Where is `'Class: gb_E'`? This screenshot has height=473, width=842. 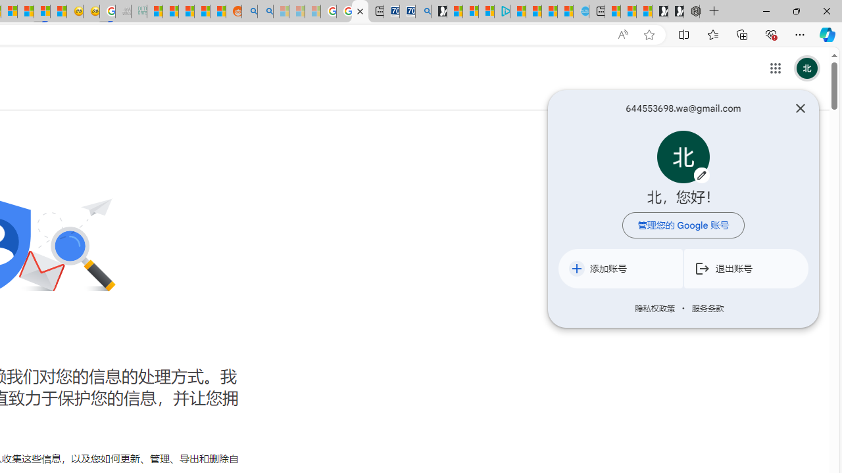 'Class: gb_E' is located at coordinates (775, 68).